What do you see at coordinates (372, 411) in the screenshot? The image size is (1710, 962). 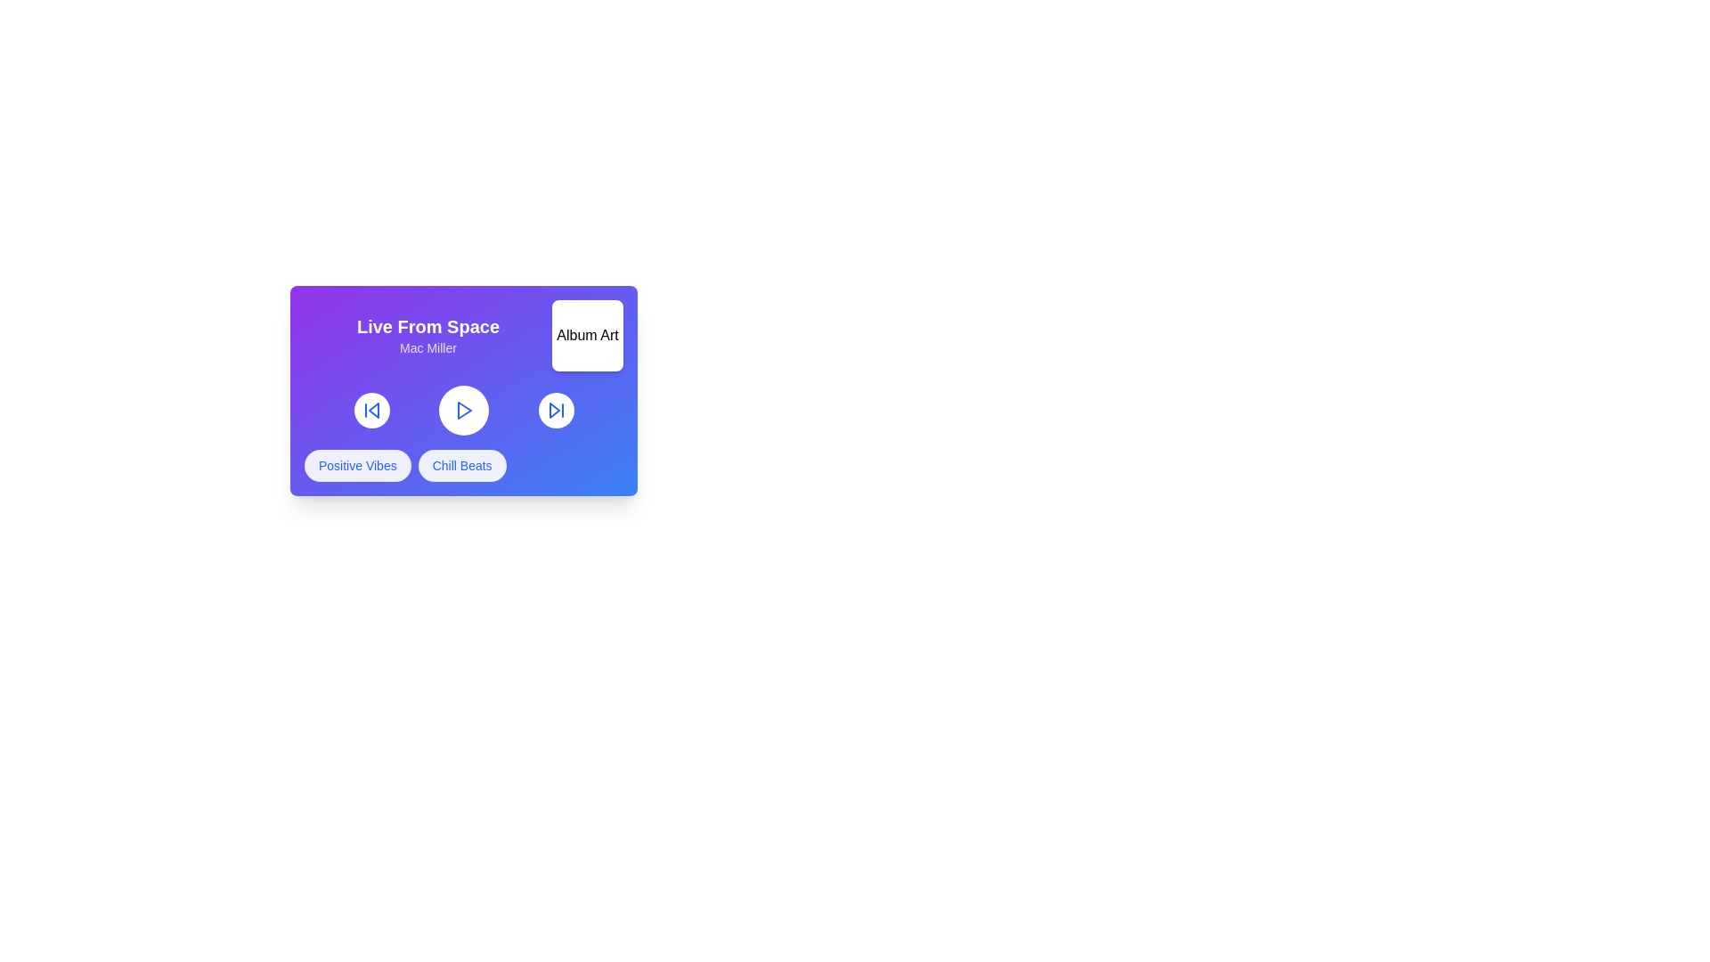 I see `the leftward-pointing triangle icon inside the circular button that represents the backward skip function` at bounding box center [372, 411].